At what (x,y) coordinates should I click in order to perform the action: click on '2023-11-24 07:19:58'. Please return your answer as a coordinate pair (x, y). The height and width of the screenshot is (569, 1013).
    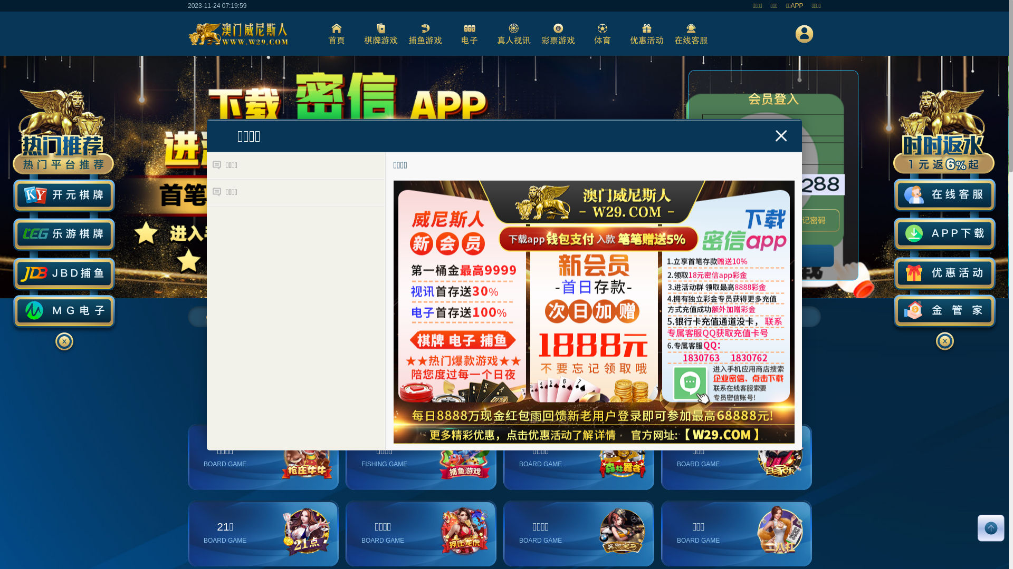
    Looking at the image, I should click on (187, 6).